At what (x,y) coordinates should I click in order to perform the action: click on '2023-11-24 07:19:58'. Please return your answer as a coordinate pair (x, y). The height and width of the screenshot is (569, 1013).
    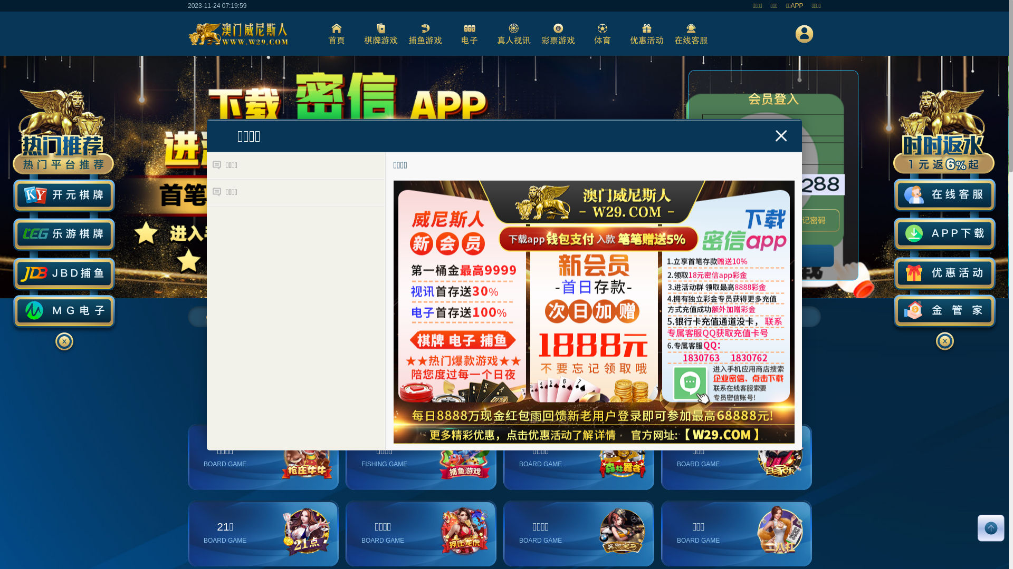
    Looking at the image, I should click on (187, 6).